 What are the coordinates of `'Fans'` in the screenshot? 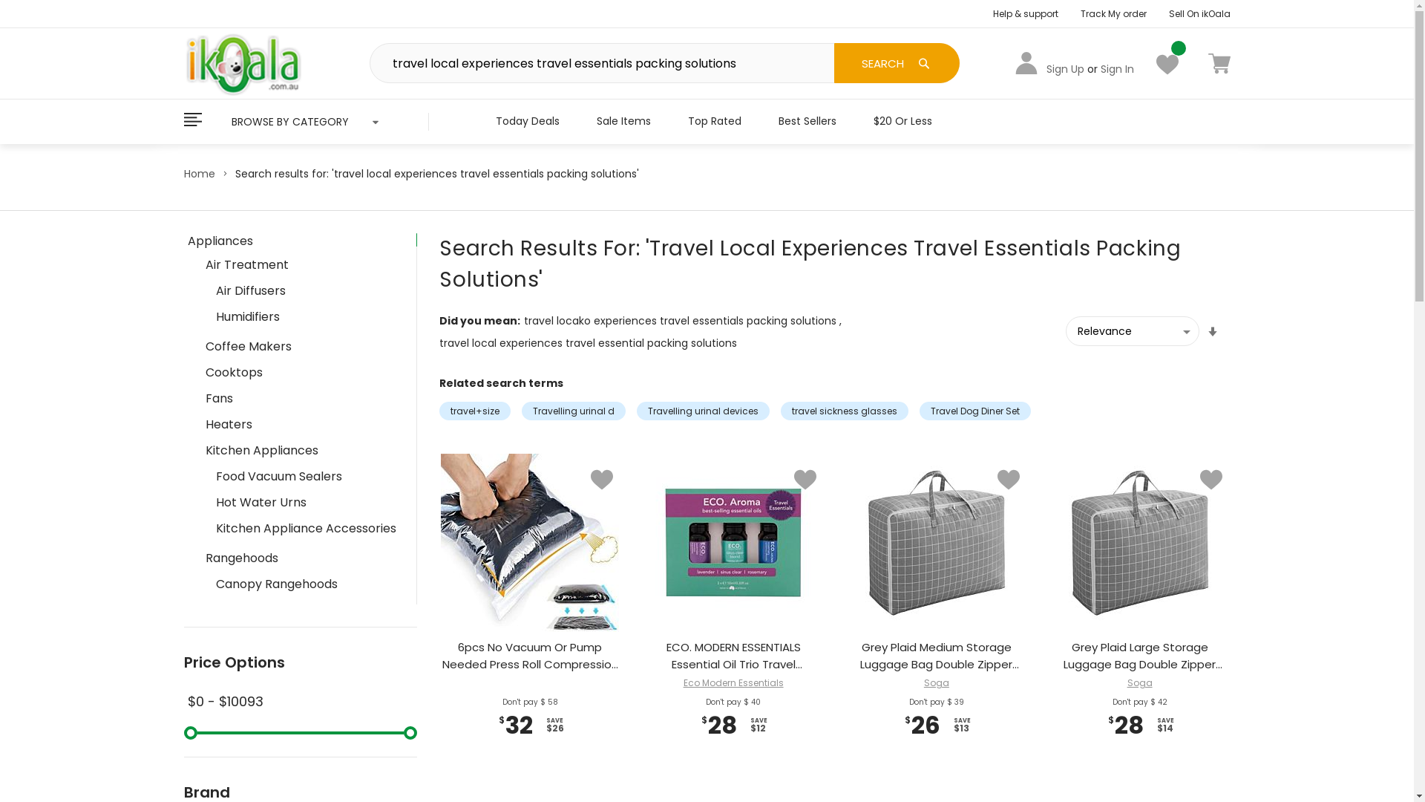 It's located at (302, 397).